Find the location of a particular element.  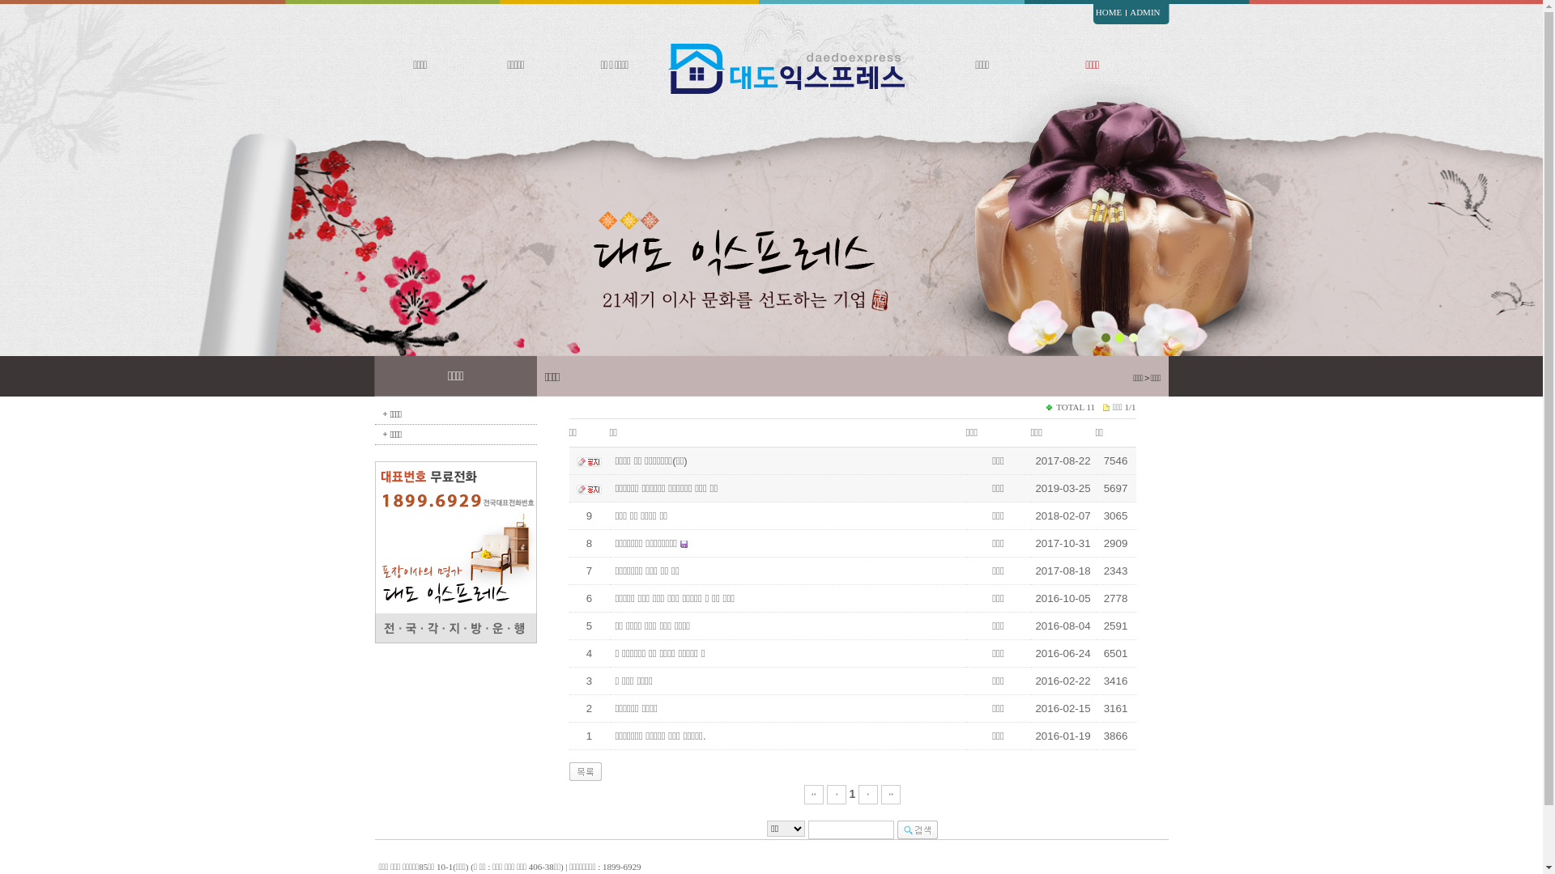

'ADMIN' is located at coordinates (1144, 11).